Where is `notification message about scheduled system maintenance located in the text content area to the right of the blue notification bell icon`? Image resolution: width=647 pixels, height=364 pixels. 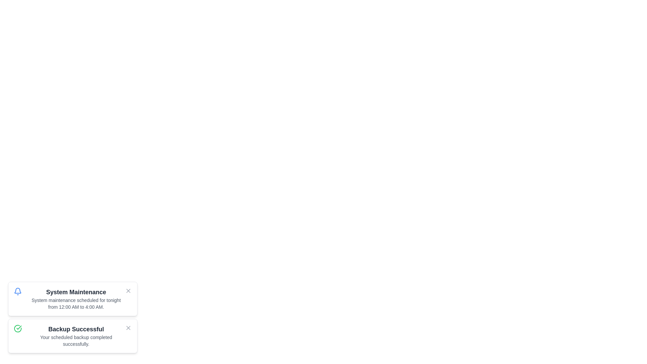 notification message about scheduled system maintenance located in the text content area to the right of the blue notification bell icon is located at coordinates (76, 299).